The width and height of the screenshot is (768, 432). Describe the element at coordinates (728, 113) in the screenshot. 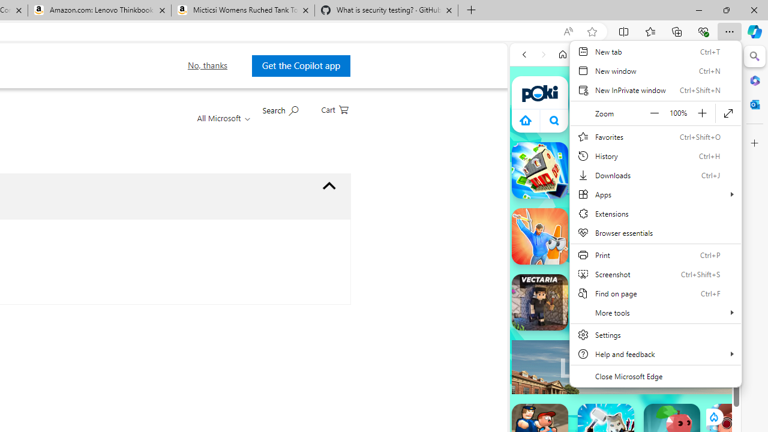

I see `'Enter full screen (F11)'` at that location.